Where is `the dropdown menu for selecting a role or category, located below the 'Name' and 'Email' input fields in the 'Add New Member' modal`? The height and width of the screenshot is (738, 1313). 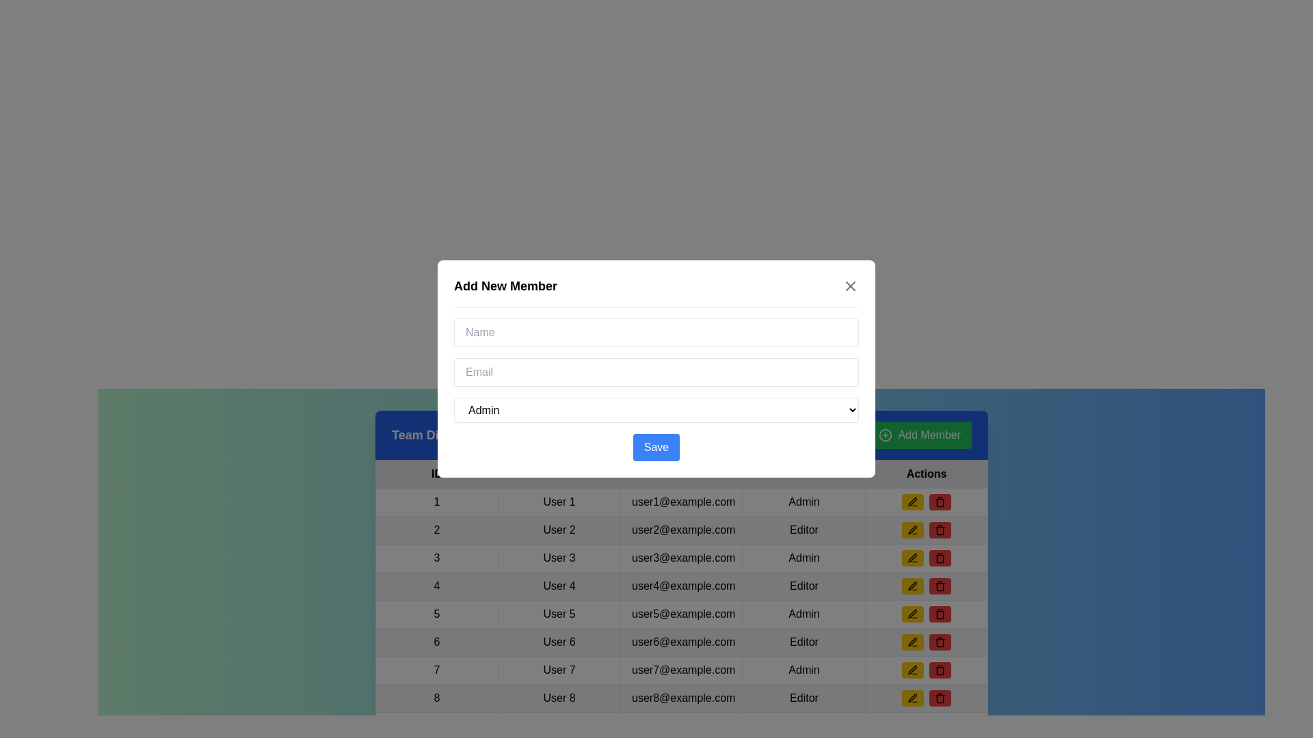
the dropdown menu for selecting a role or category, located below the 'Name' and 'Email' input fields in the 'Add New Member' modal is located at coordinates (656, 409).